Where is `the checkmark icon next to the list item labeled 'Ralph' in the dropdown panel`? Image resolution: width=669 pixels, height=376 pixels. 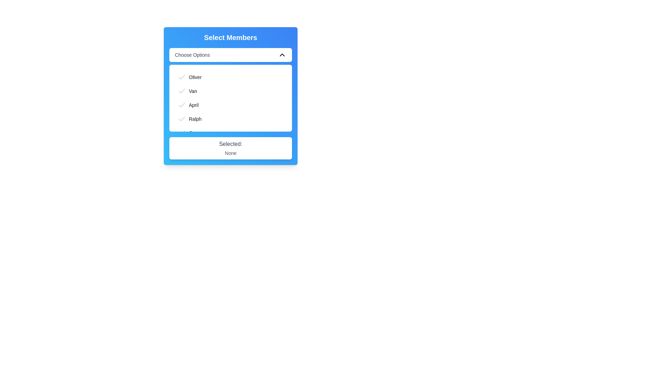
the checkmark icon next to the list item labeled 'Ralph' in the dropdown panel is located at coordinates (182, 118).